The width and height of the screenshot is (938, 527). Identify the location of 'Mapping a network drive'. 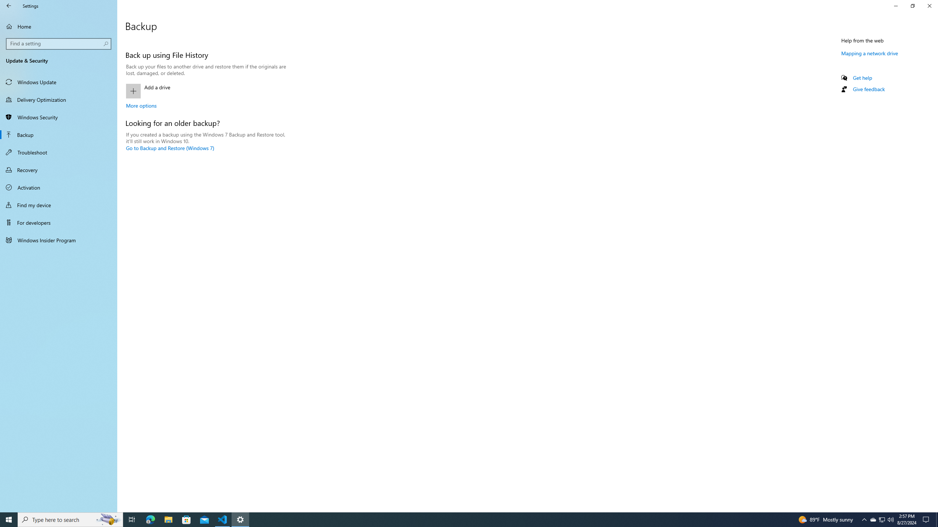
(869, 53).